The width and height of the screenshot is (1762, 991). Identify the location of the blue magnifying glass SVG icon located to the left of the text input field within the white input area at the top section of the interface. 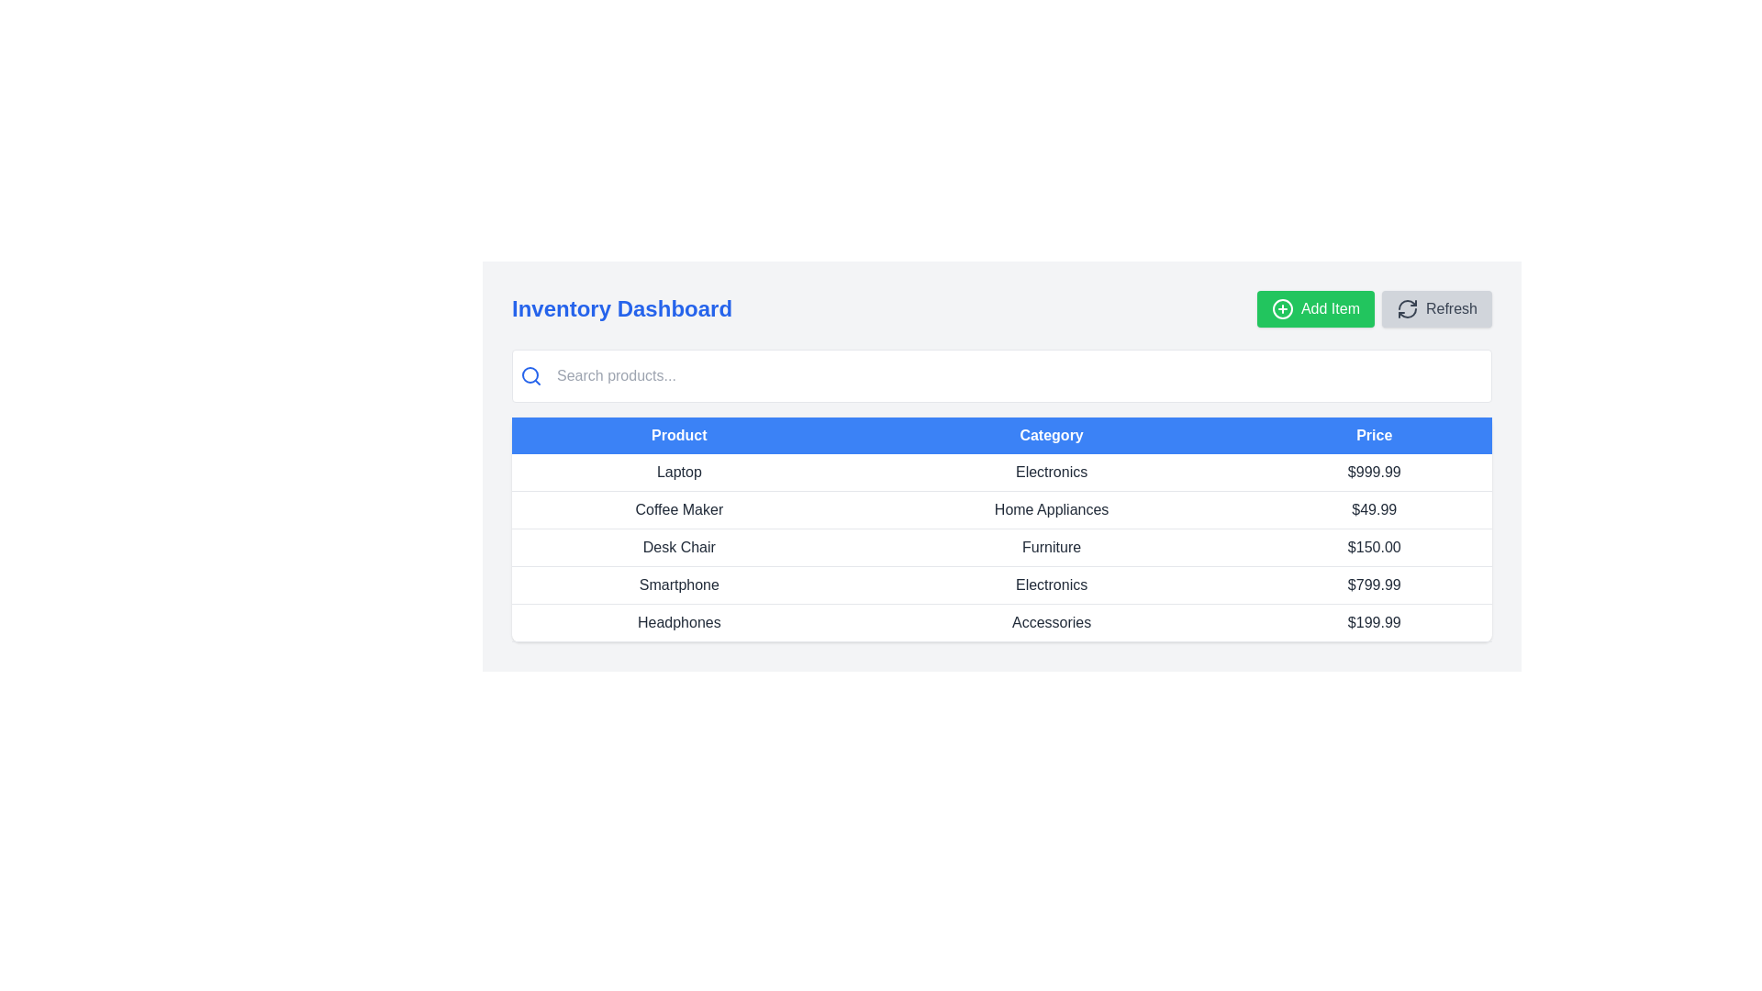
(530, 374).